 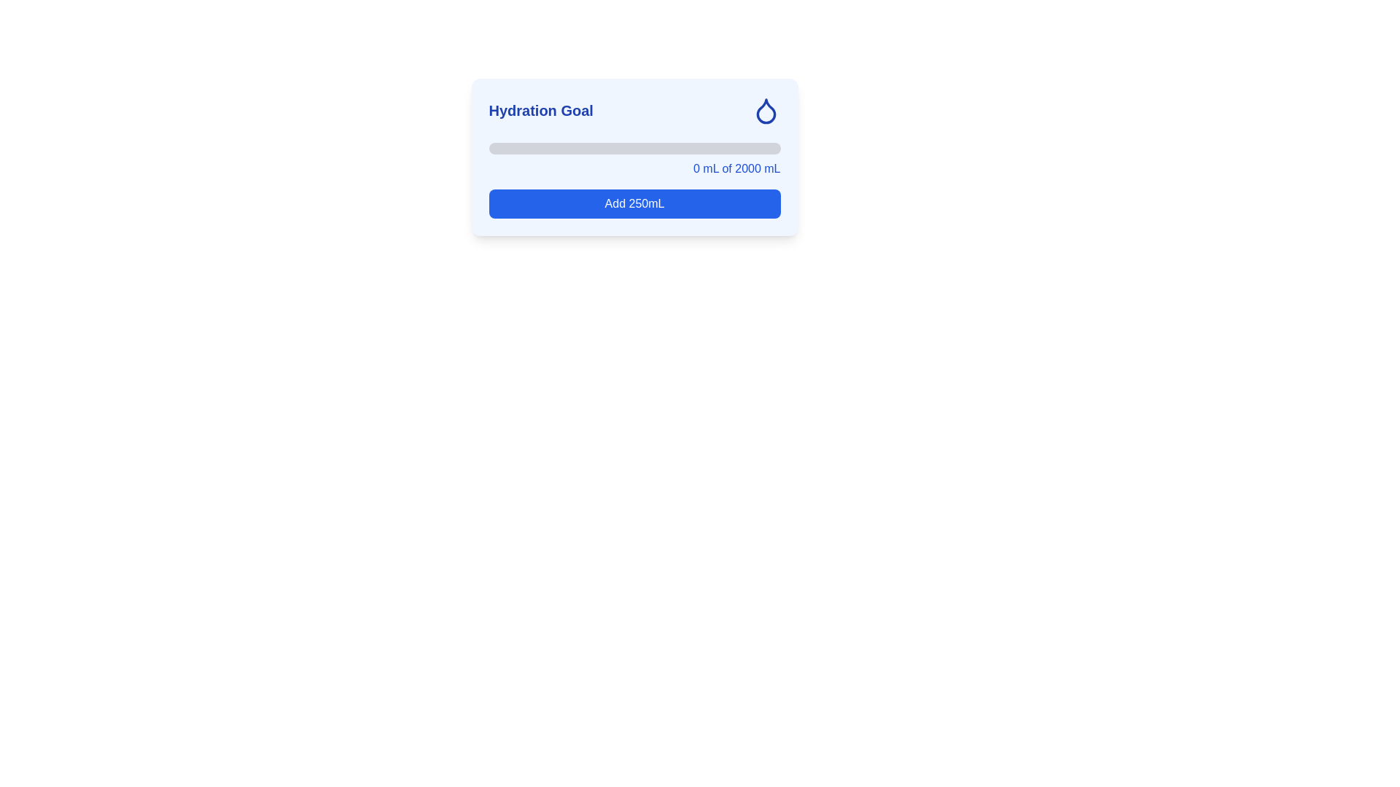 I want to click on the button, so click(x=634, y=204).